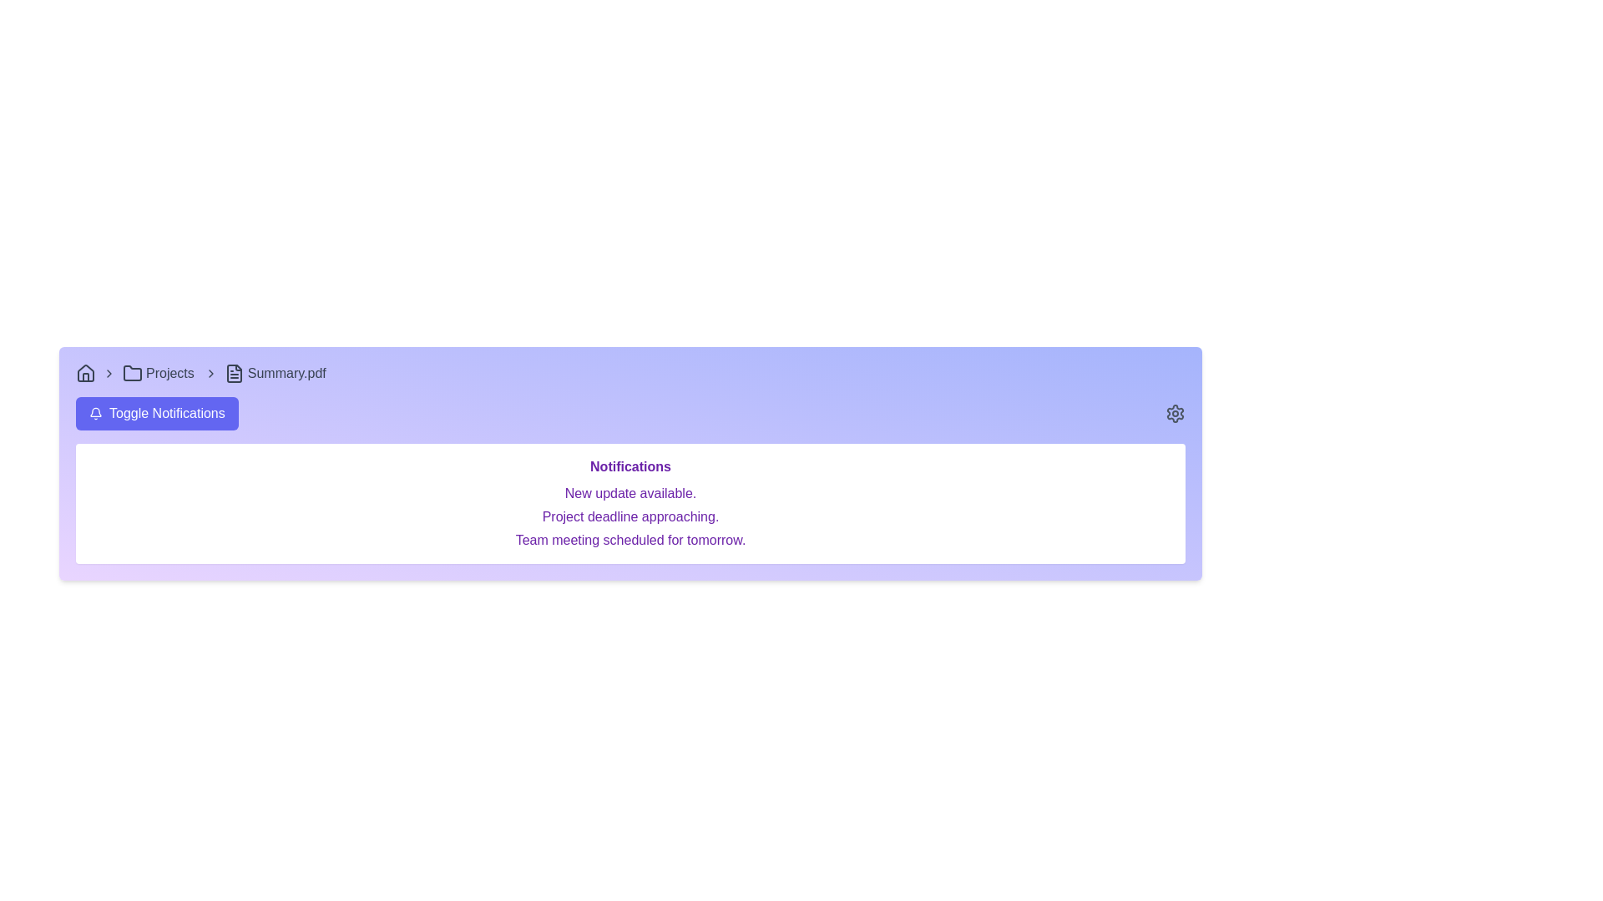 The width and height of the screenshot is (1603, 901). I want to click on the door component of the house icon in the SVG graphic, so click(84, 377).